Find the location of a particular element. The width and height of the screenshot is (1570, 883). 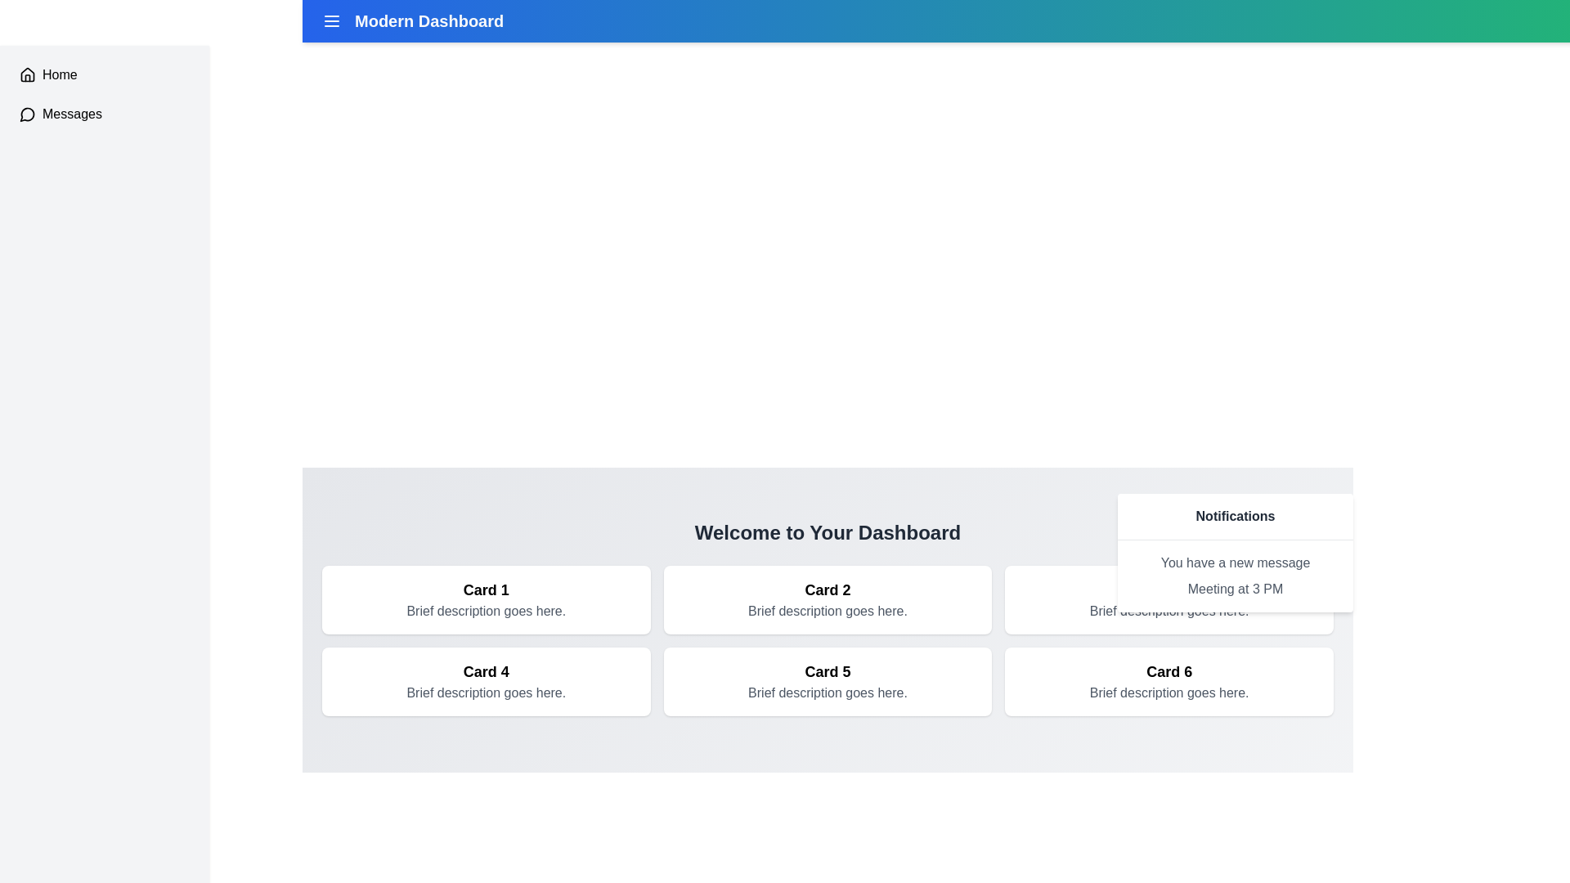

the title text label of the card located in the sixth position of the 2x3 grid layout, situated at the bottom-right corner is located at coordinates (1169, 671).